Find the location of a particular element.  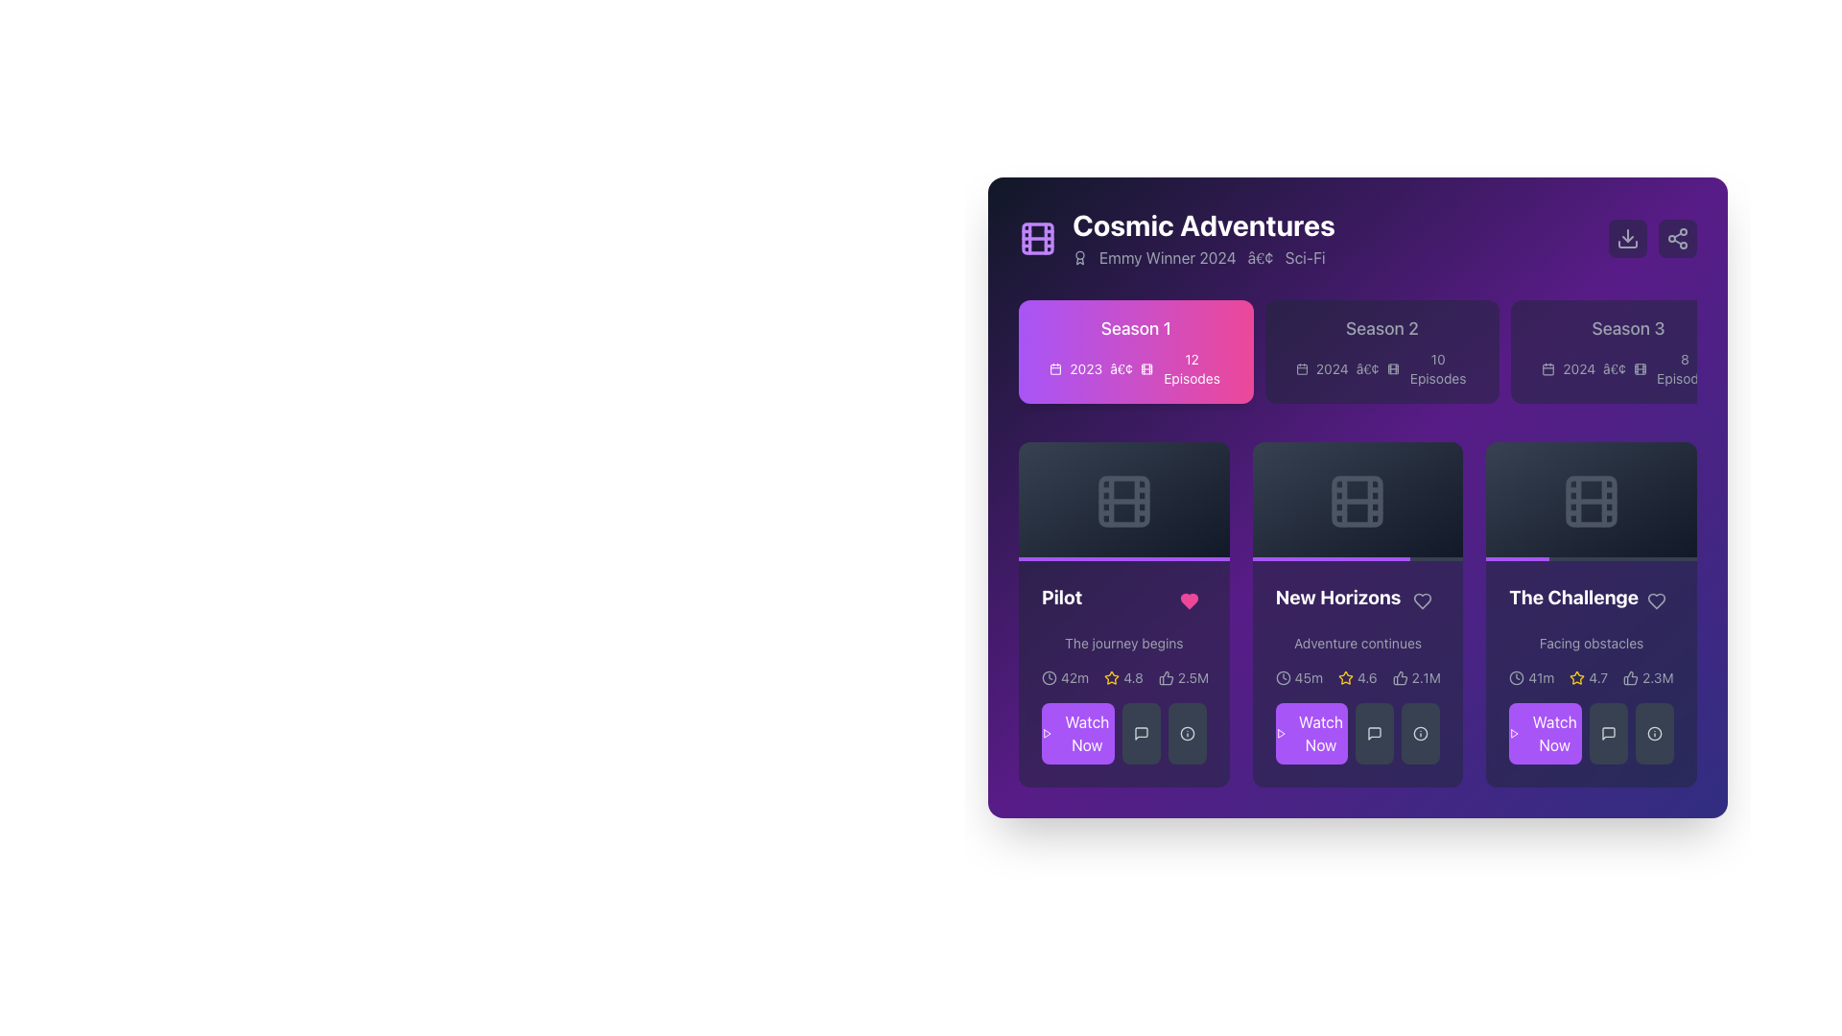

the 'Watch Now' button that contains the triangular play button icon is located at coordinates (1046, 733).